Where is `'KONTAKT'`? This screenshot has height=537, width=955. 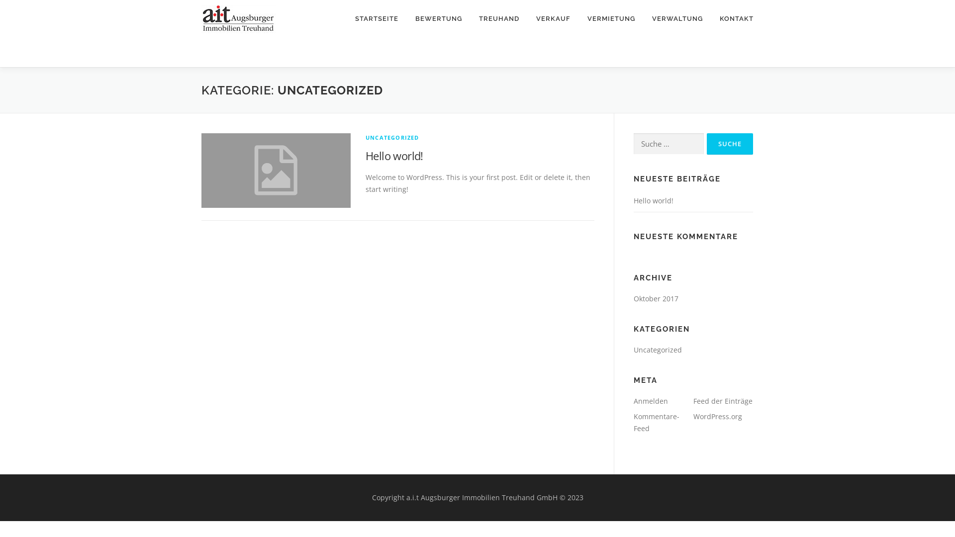
'KONTAKT' is located at coordinates (732, 18).